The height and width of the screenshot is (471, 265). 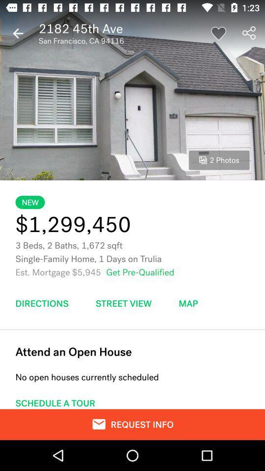 I want to click on go back, so click(x=18, y=33).